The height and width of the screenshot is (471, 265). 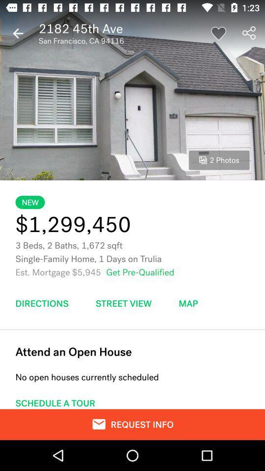 I want to click on go back, so click(x=18, y=33).